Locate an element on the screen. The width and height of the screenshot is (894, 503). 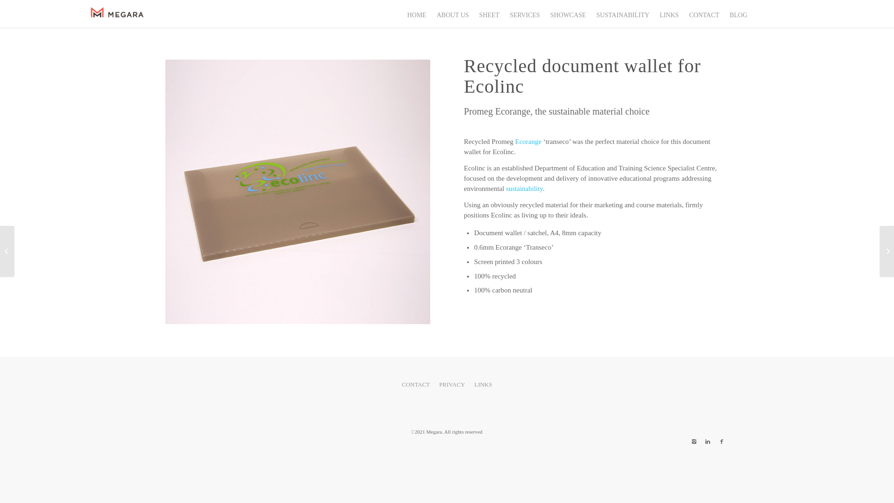
'BLOG' is located at coordinates (737, 14).